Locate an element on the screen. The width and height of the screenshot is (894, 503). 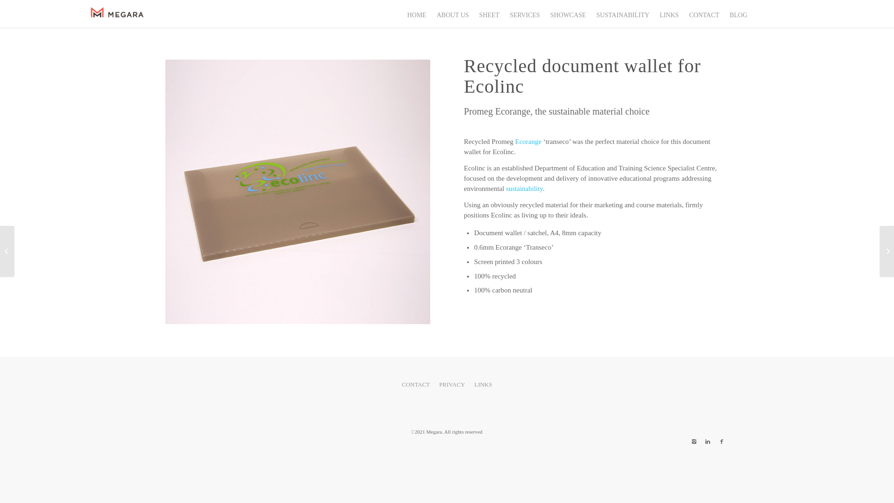
'BLOG' is located at coordinates (737, 14).